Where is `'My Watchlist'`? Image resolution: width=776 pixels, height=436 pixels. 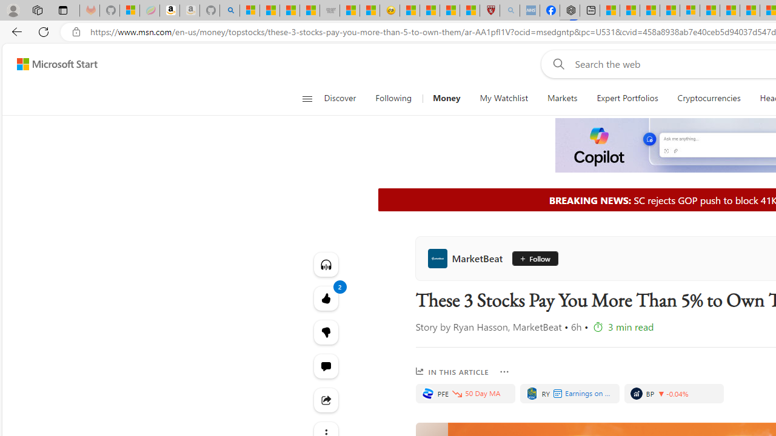
'My Watchlist' is located at coordinates (503, 98).